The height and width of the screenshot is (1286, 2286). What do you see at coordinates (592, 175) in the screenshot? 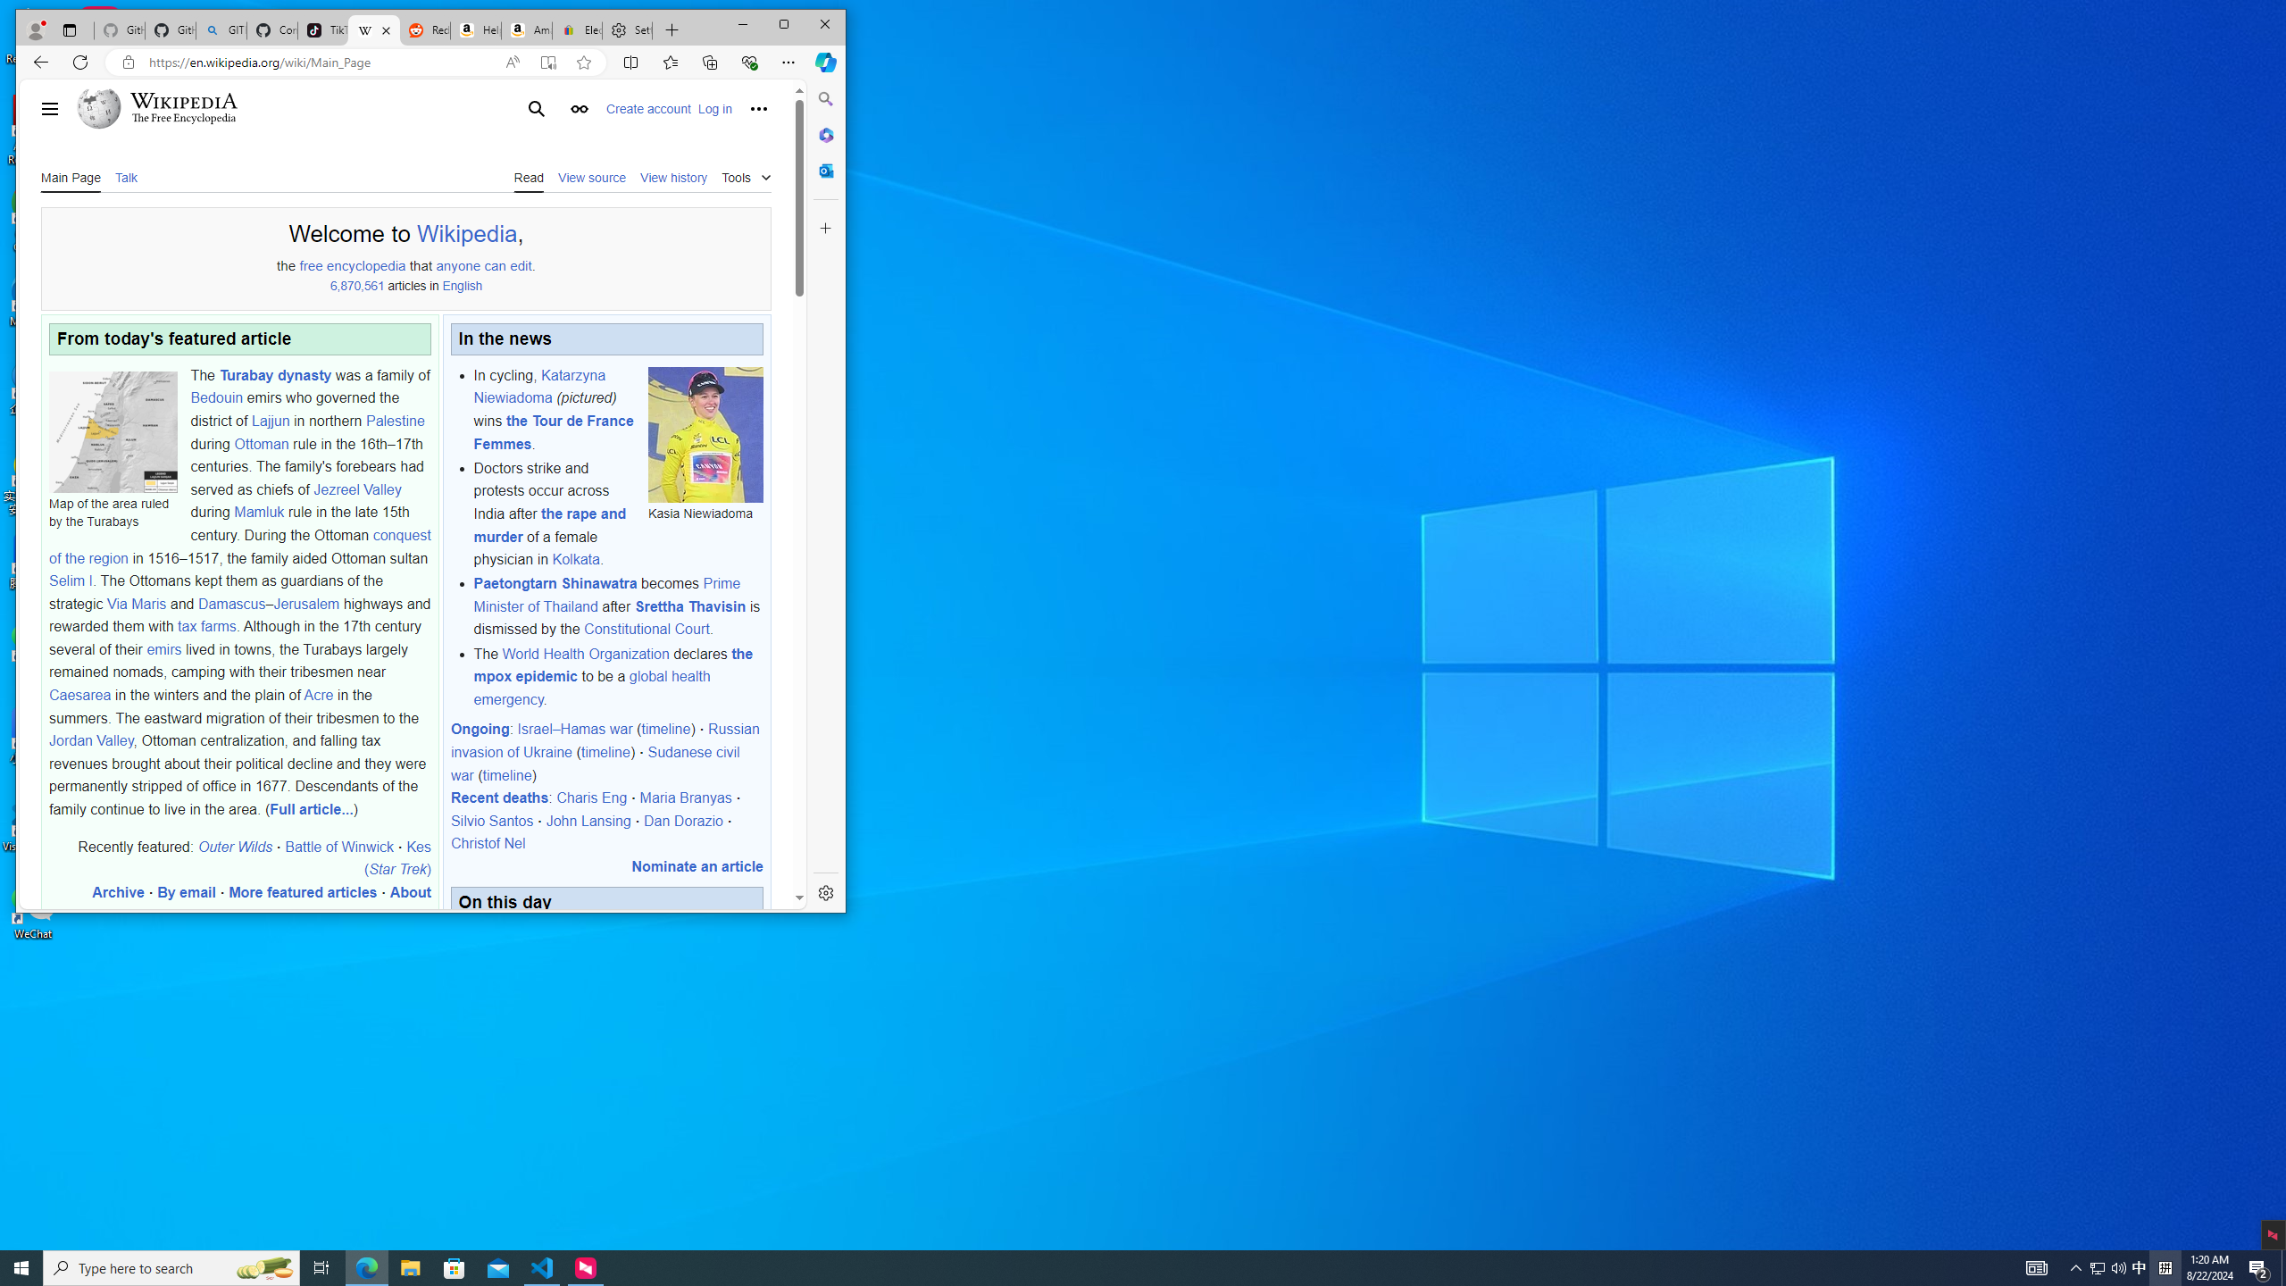
I see `'View source'` at bounding box center [592, 175].